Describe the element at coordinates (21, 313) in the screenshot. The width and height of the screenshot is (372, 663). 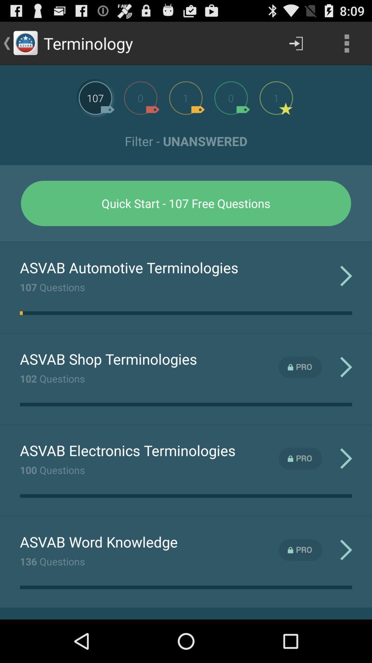
I see `the icon above the asvab shop terminologies app` at that location.